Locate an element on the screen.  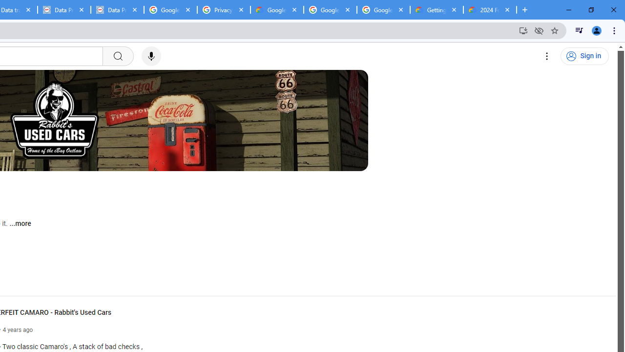
'Install YouTube' is located at coordinates (523, 30).